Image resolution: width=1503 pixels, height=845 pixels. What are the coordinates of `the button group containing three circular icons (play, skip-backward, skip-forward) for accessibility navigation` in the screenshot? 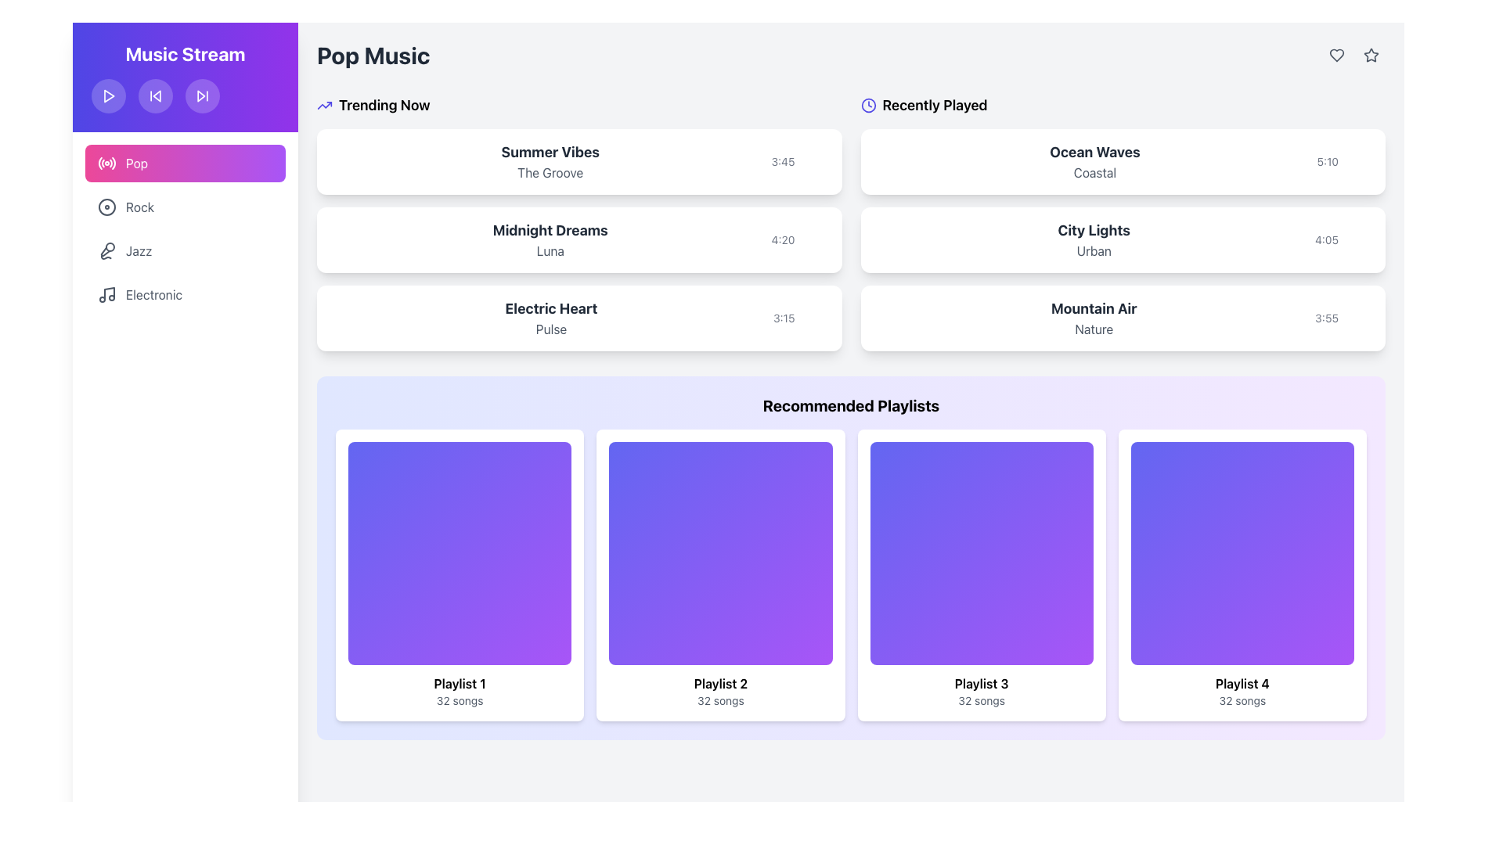 It's located at (185, 96).